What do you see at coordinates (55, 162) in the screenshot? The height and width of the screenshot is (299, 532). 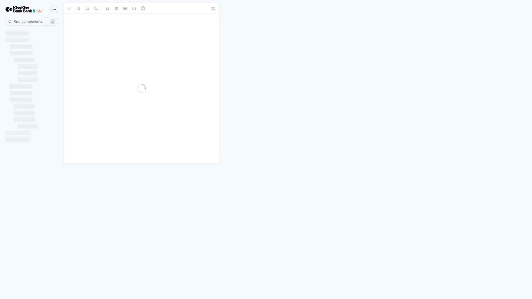 I see `expand` at bounding box center [55, 162].